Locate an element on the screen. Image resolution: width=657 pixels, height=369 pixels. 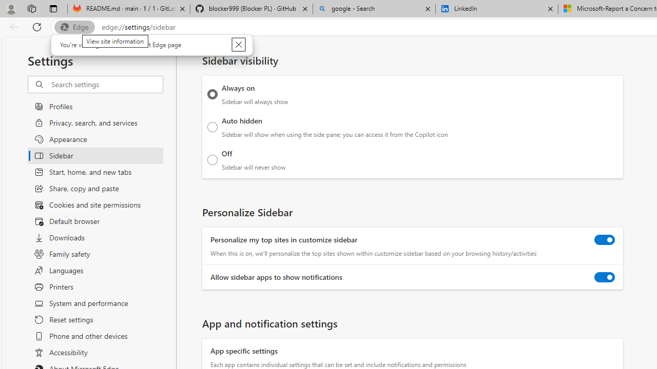
'Off Sidebar will never show' is located at coordinates (212, 159).